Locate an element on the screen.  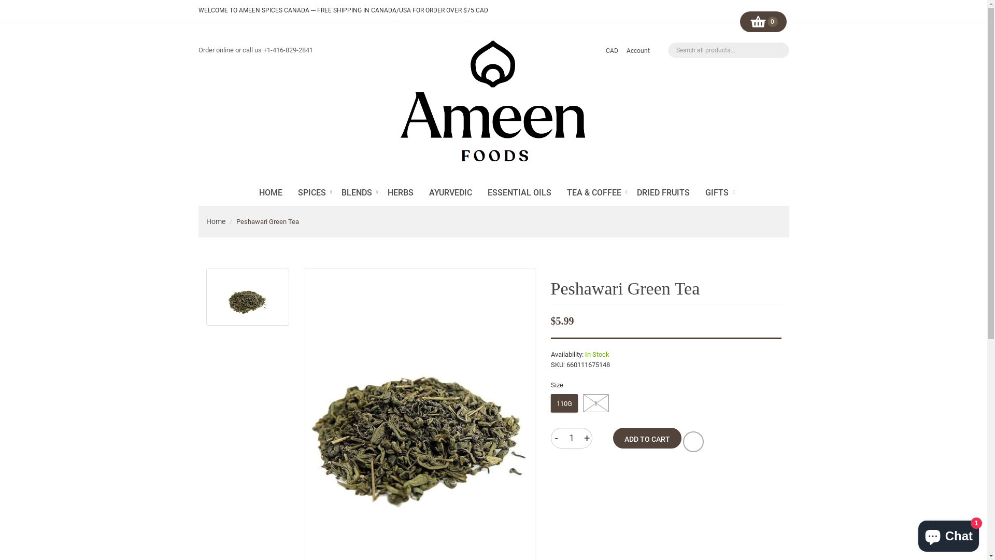
'ADD TO CART' is located at coordinates (646, 438).